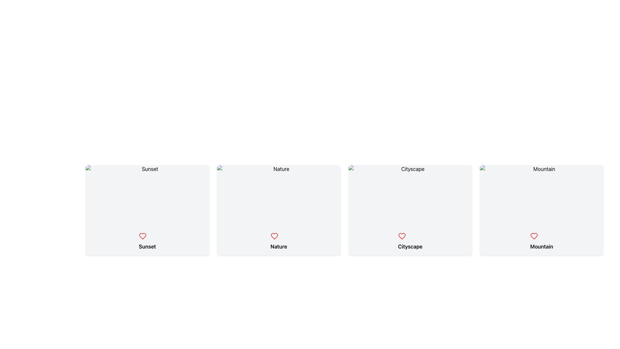 This screenshot has width=620, height=349. I want to click on text content of the 'Sunset' title text block with heart icon located centrally beneath the image placeholder in the first card of a horizontal list, so click(147, 241).